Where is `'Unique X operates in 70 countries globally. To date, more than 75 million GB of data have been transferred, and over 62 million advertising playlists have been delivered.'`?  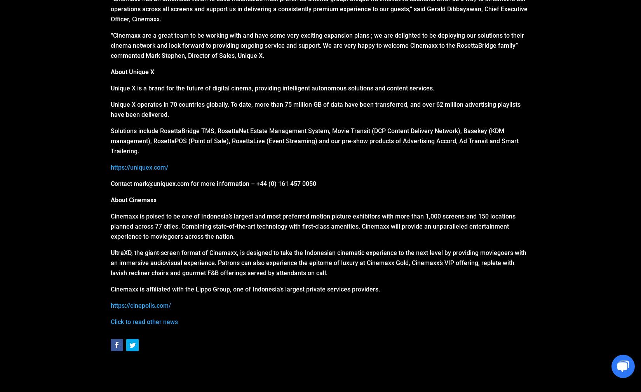
'Unique X operates in 70 countries globally. To date, more than 75 million GB of data have been transferred, and over 62 million advertising playlists have been delivered.' is located at coordinates (315, 109).